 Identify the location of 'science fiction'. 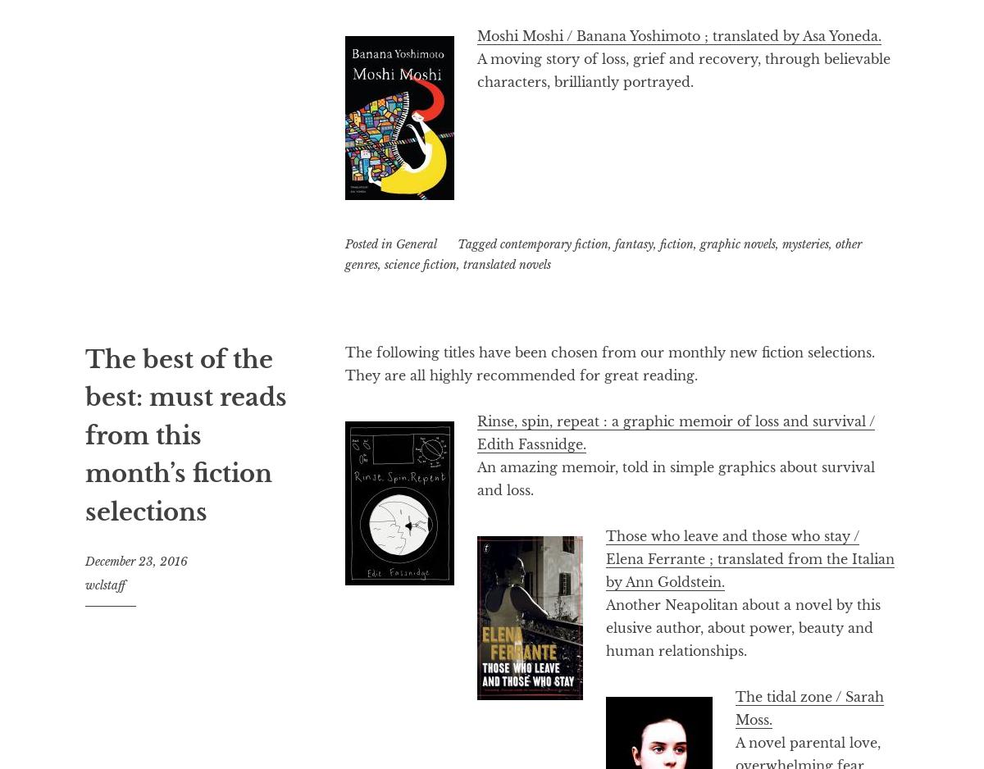
(420, 263).